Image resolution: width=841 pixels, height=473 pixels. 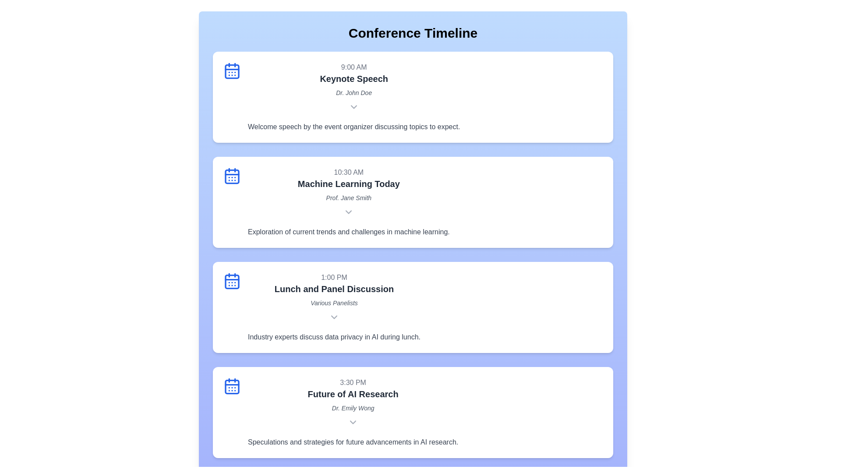 I want to click on the calendar icon element located within the fourth card of the timeline interface, adjacent to the header 'Future of AI Research', so click(x=232, y=386).